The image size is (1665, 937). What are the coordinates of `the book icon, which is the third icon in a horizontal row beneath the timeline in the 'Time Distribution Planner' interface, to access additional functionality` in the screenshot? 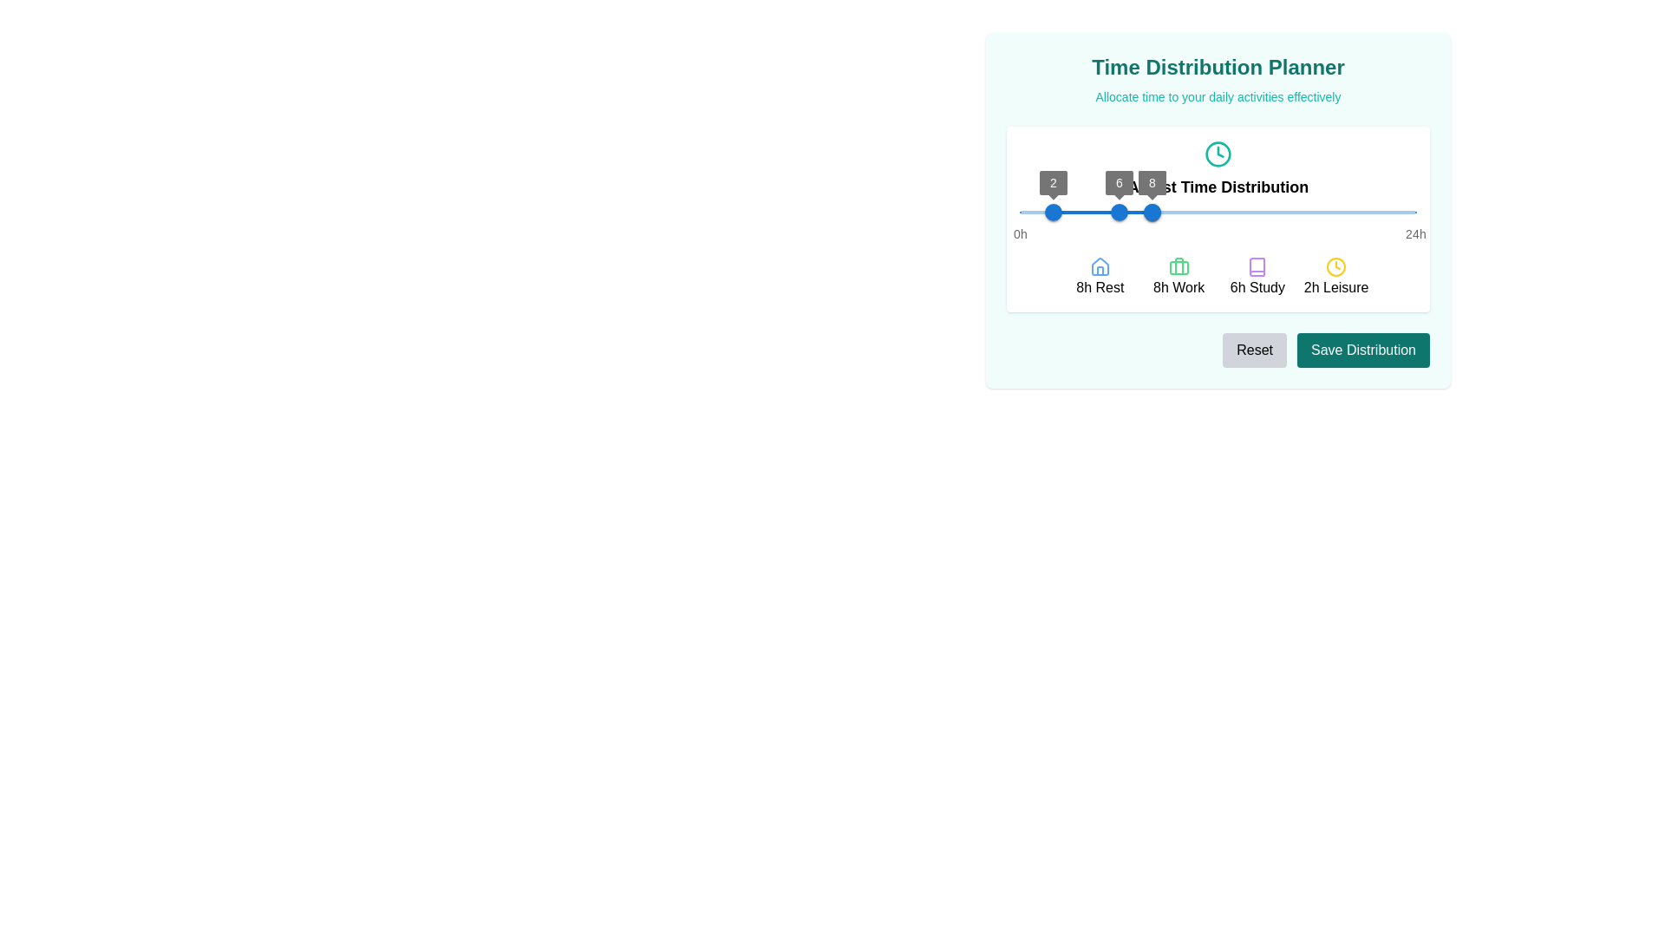 It's located at (1257, 267).